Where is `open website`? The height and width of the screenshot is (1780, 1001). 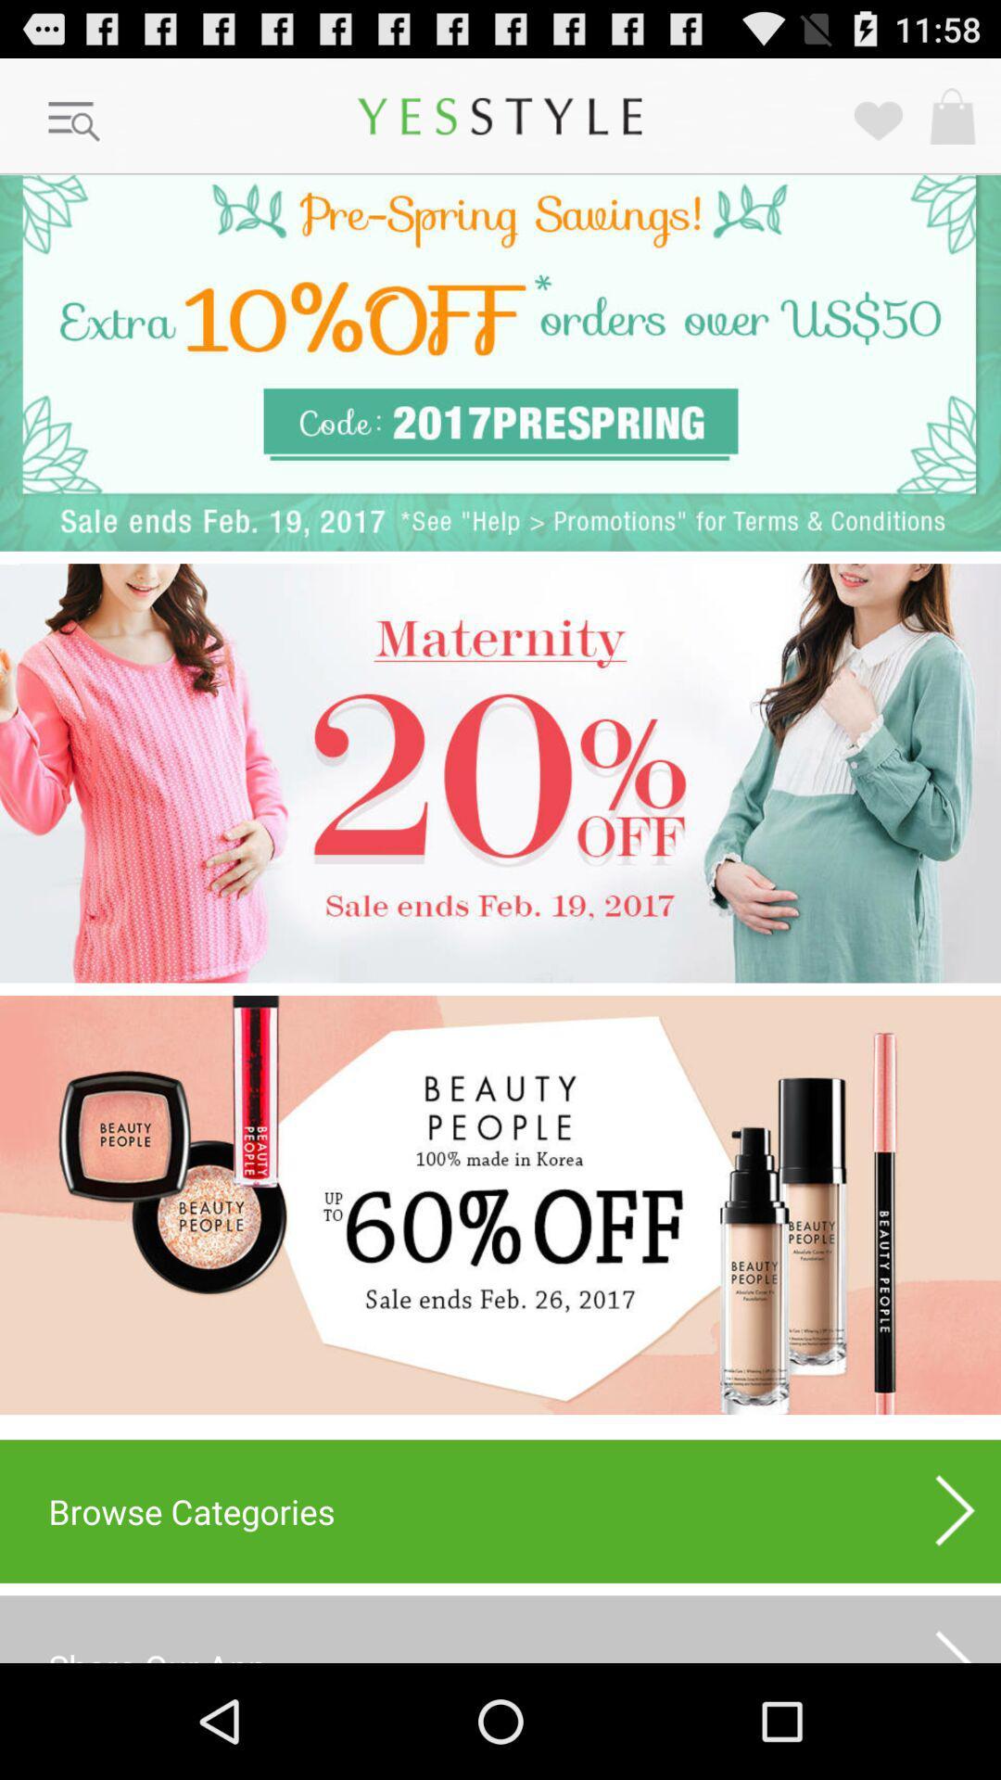 open website is located at coordinates (500, 1205).